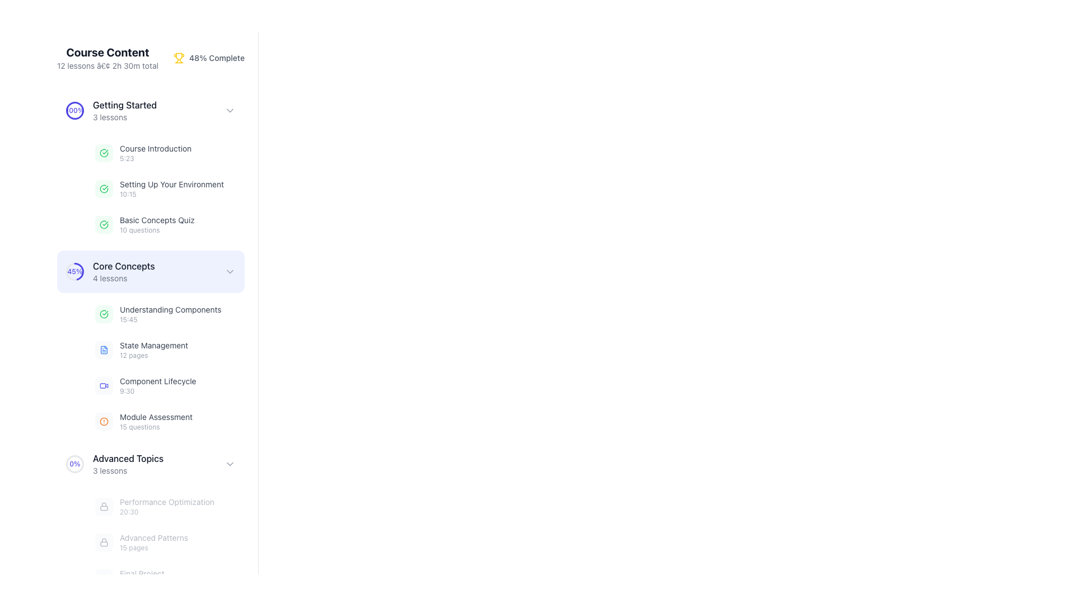 This screenshot has height=604, width=1075. Describe the element at coordinates (124, 272) in the screenshot. I see `the compound text element titled 'Core Concepts' with a subheading '4 lessons' located in the 'Course Content' sidebar under the 'Getting Started' section` at that location.